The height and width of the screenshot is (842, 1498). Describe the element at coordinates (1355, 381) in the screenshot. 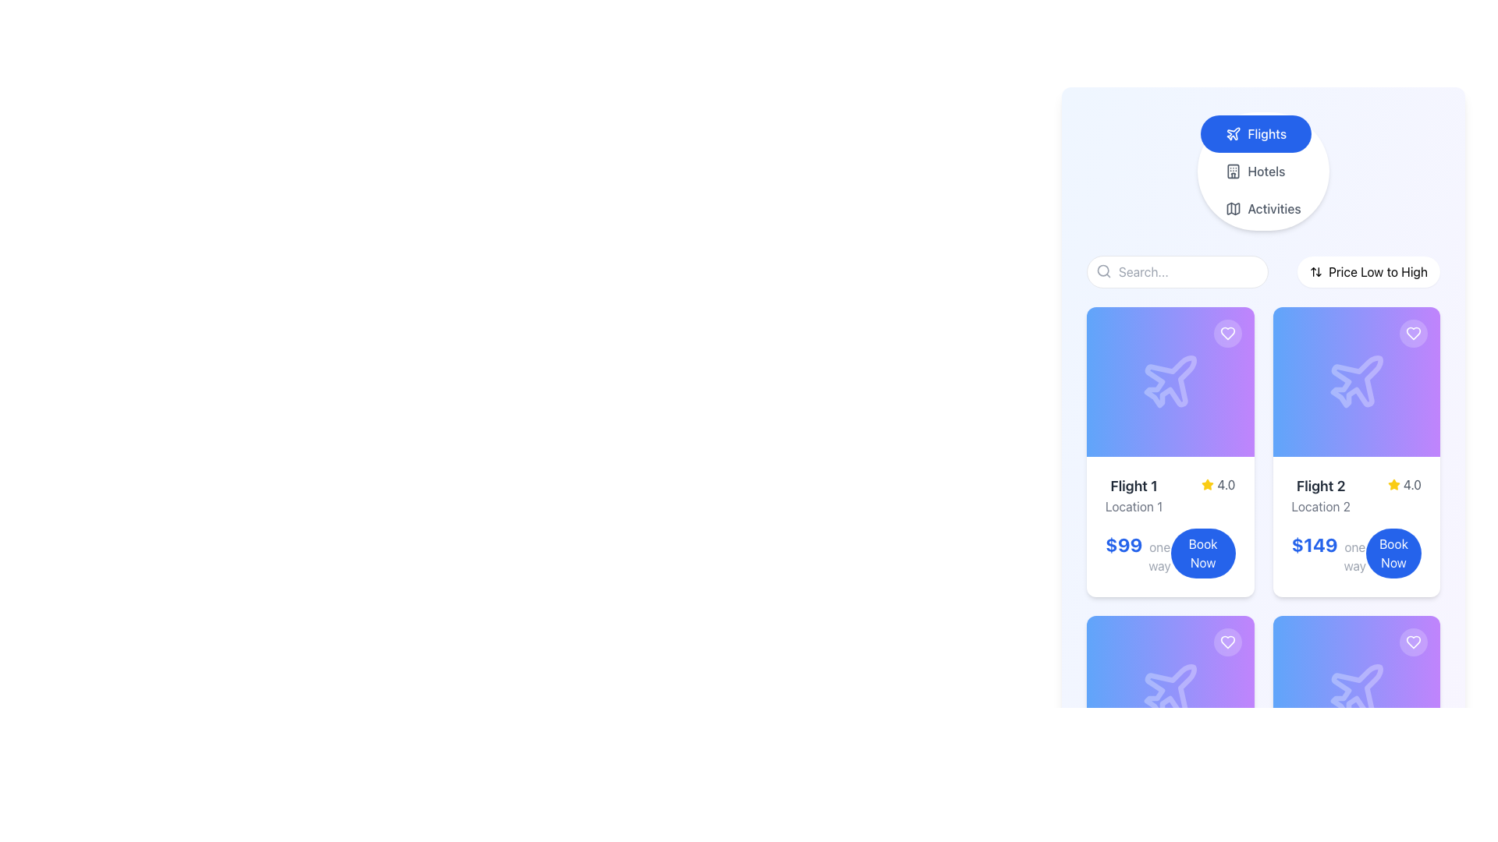

I see `the decorative panel representing an aviation-related service located in the upper half of the second card from the top on the right column` at that location.